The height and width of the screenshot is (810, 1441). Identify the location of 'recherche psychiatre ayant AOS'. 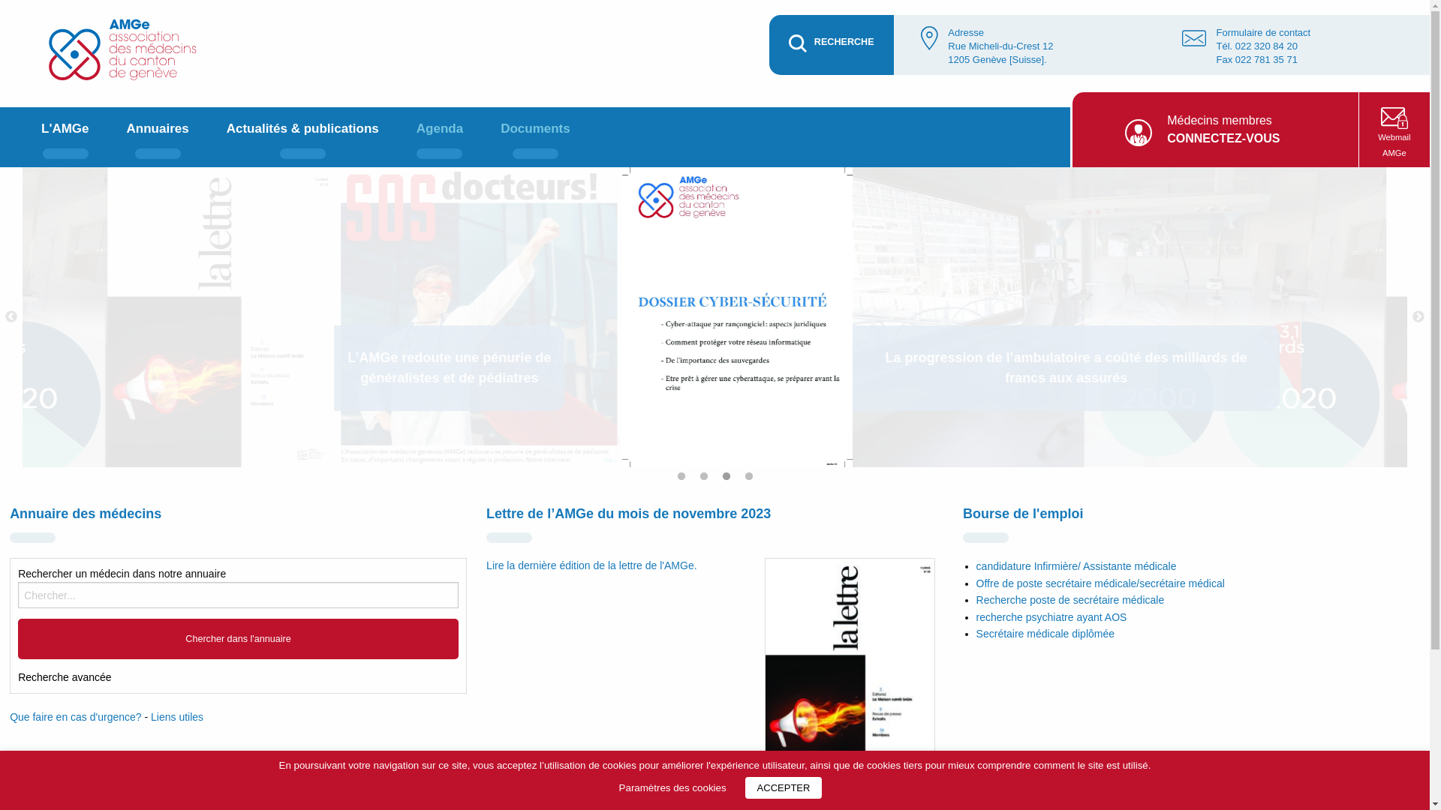
(1051, 616).